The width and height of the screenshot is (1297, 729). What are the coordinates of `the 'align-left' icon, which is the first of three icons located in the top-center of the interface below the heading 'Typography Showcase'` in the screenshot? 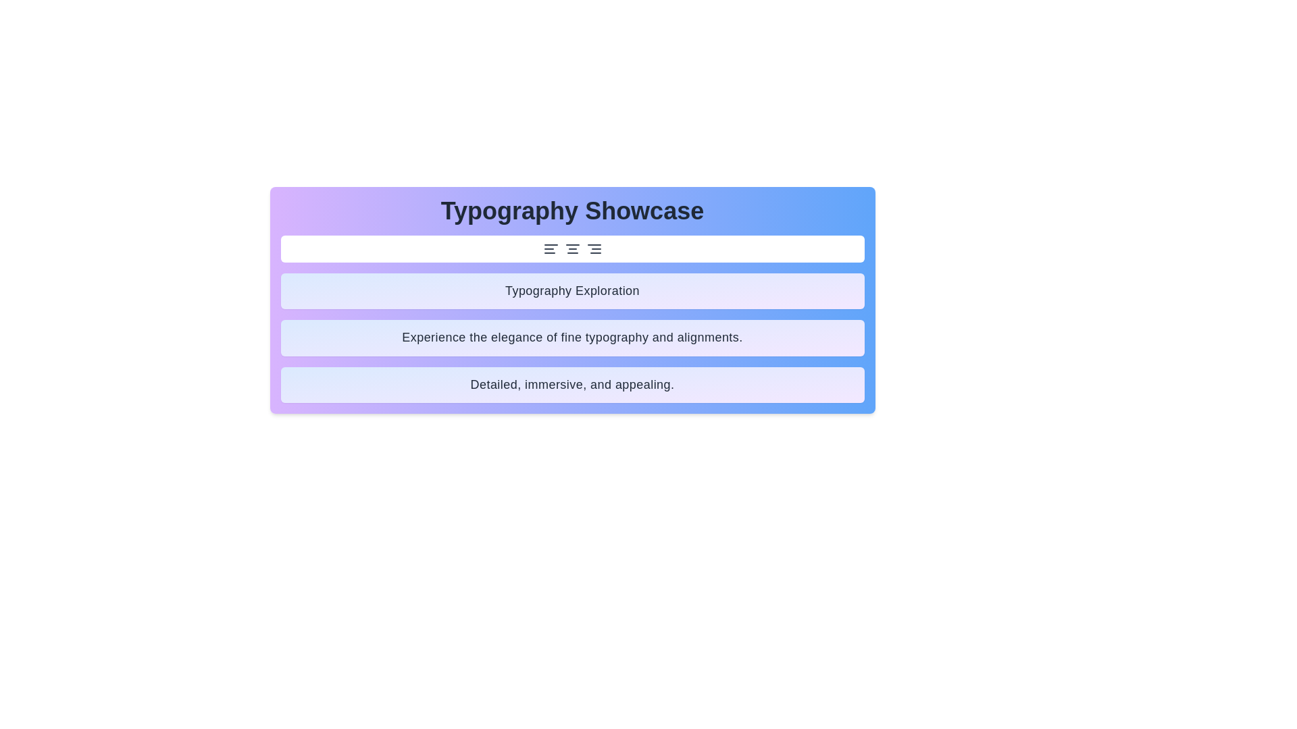 It's located at (551, 249).